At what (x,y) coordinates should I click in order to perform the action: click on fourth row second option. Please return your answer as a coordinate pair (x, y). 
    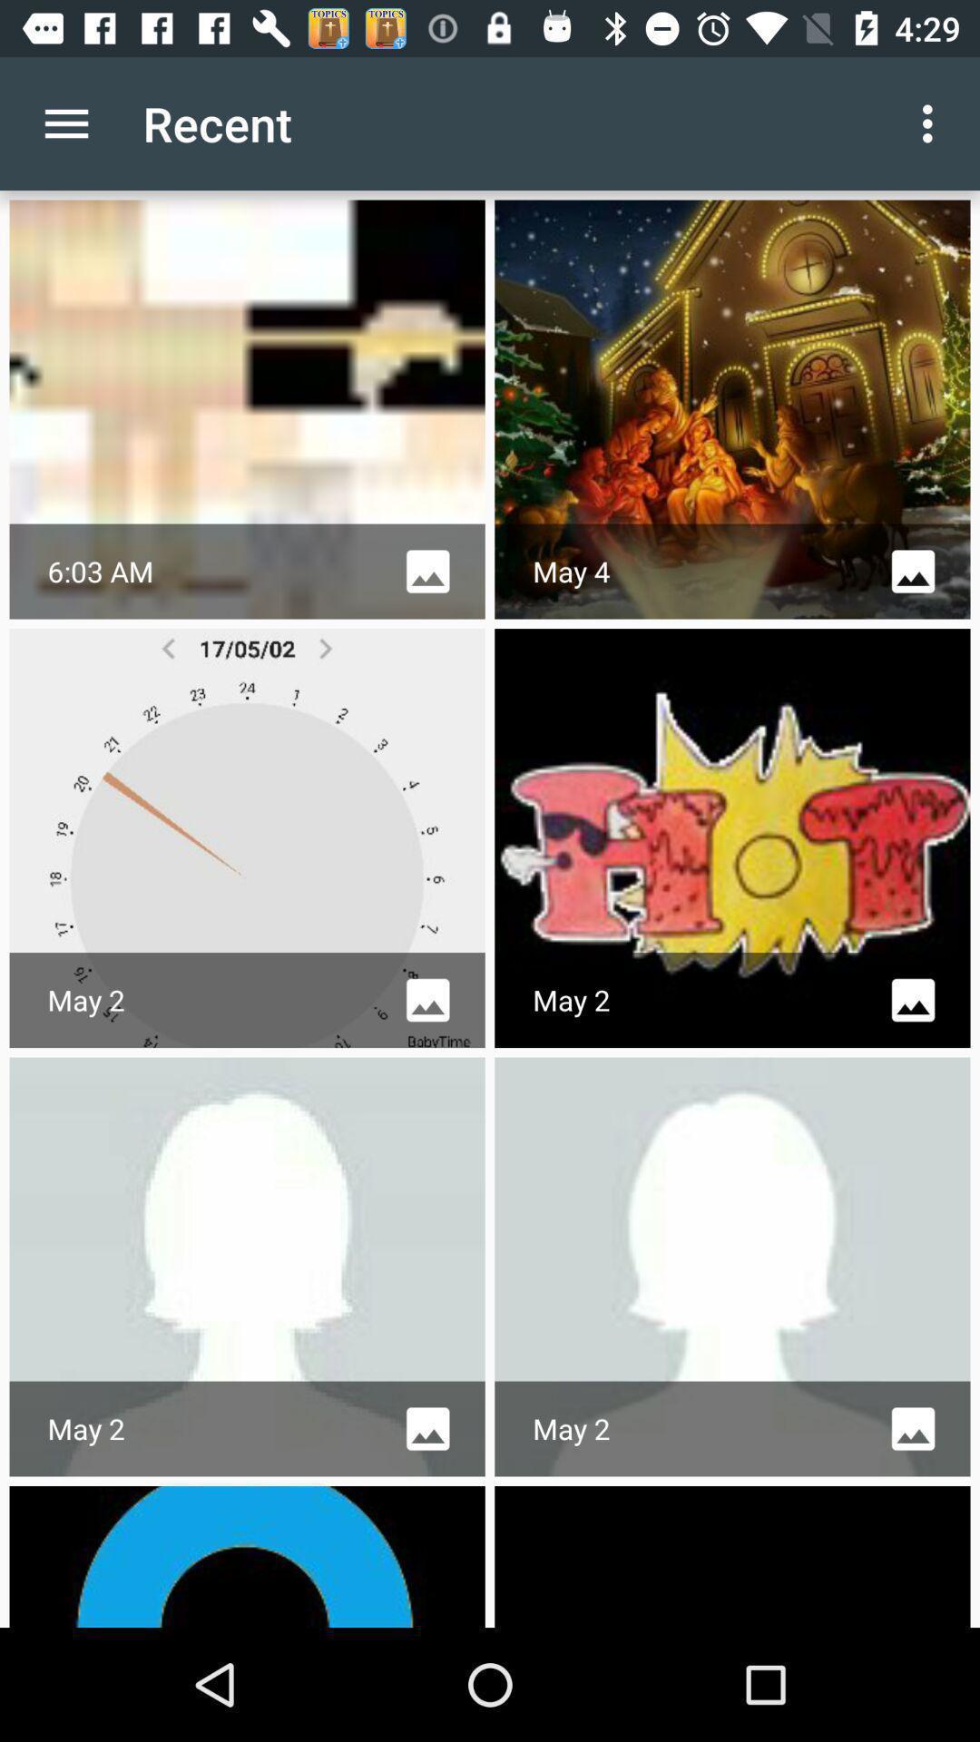
    Looking at the image, I should click on (731, 1555).